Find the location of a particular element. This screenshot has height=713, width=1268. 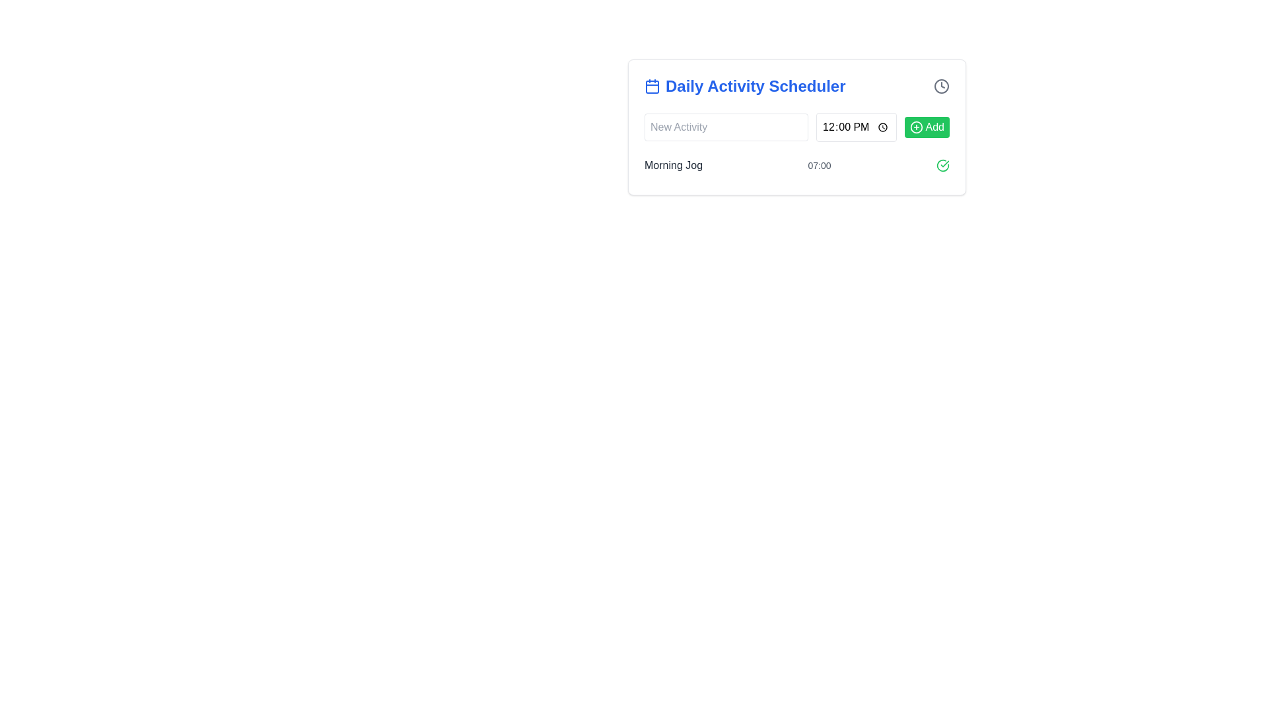

into the Time Input field displaying '12:00 PM' to interact with it is located at coordinates (856, 127).